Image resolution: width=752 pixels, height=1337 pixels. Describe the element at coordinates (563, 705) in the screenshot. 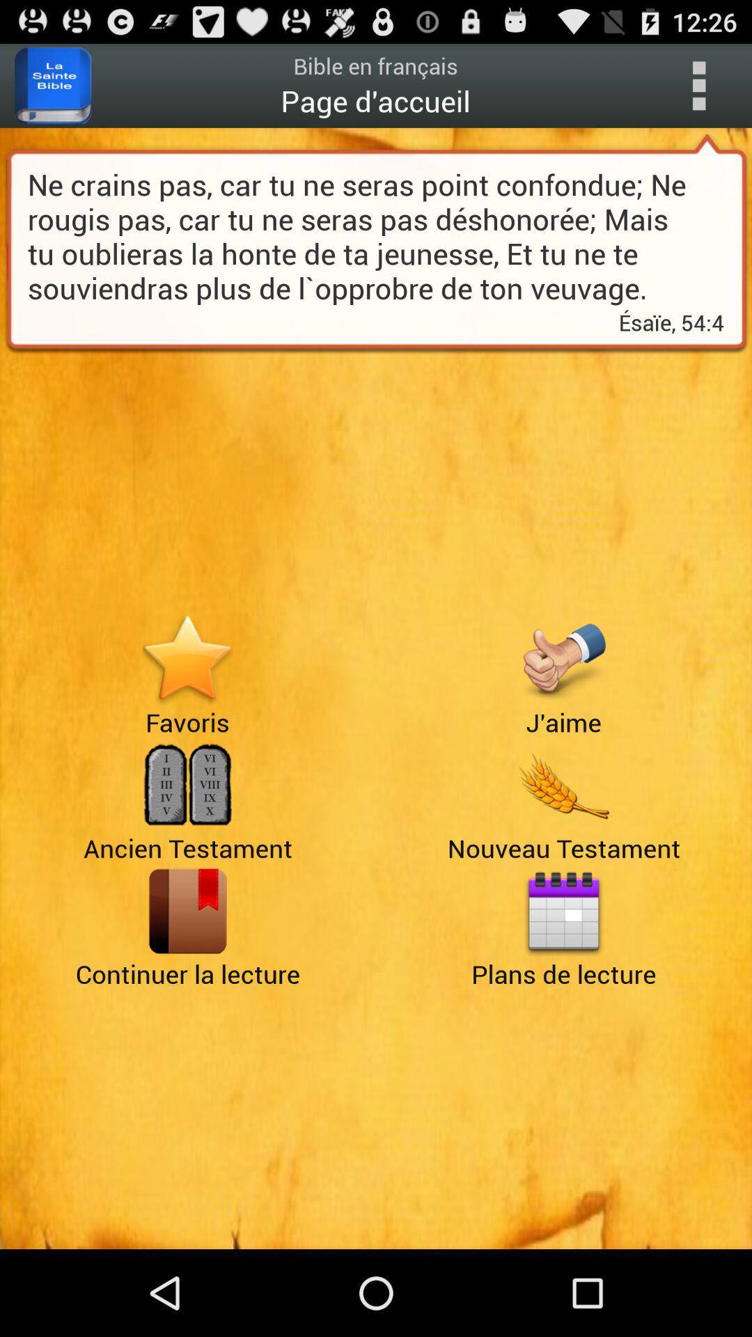

I see `the thumbs_up icon` at that location.